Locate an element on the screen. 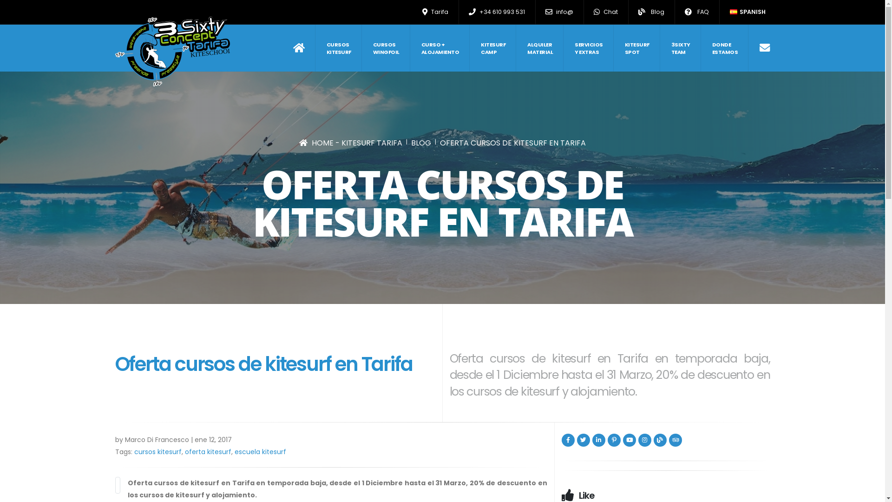 This screenshot has width=892, height=502. 'Instagram' is located at coordinates (644, 440).